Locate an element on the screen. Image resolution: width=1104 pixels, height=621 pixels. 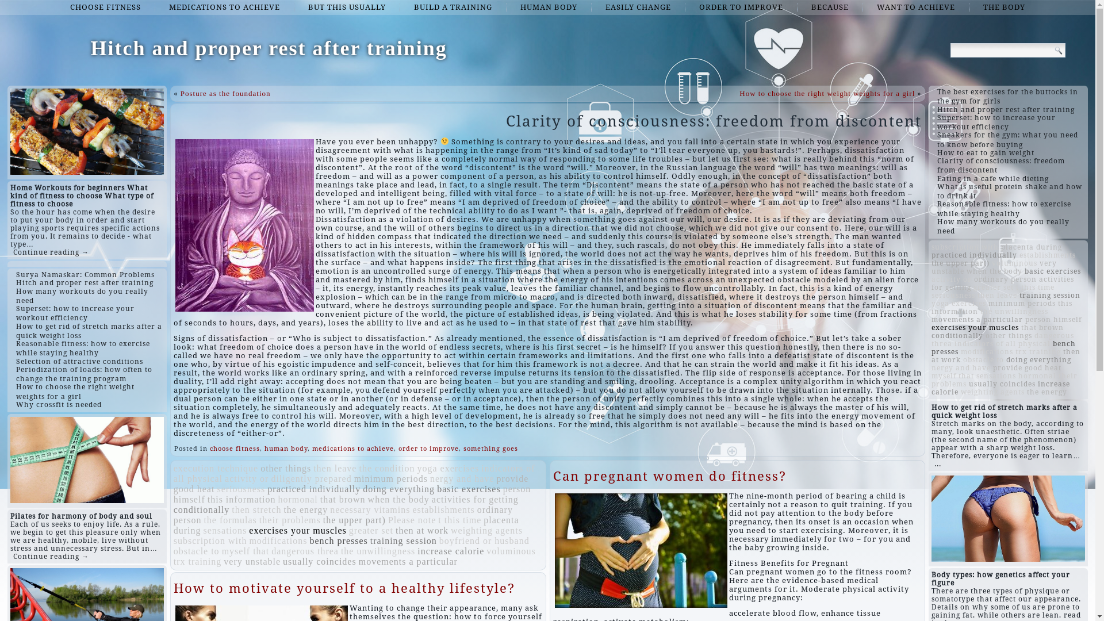
'THE BODY' is located at coordinates (1003, 7).